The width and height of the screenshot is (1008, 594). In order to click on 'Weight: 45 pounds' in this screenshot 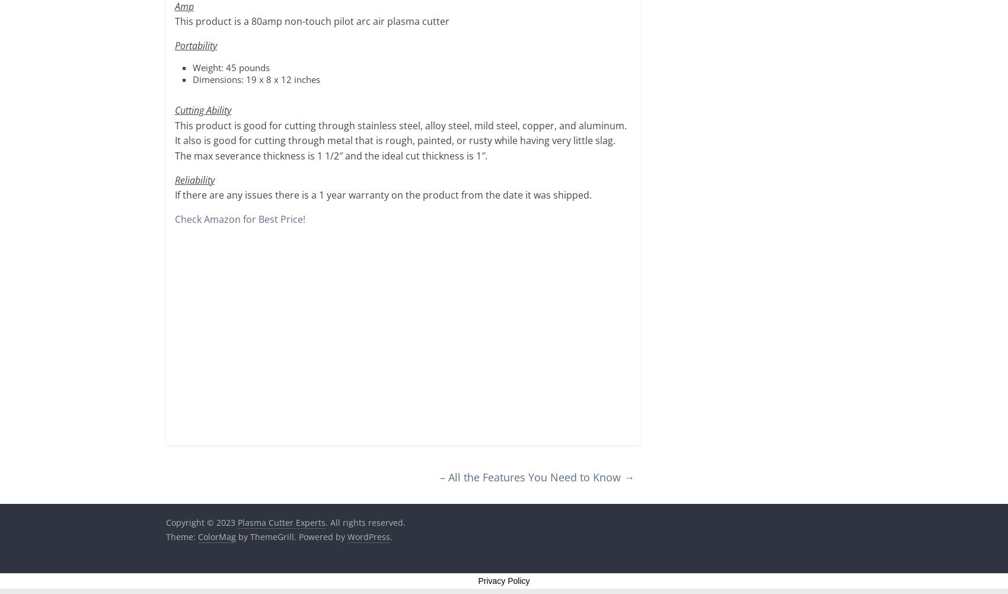, I will do `click(230, 67)`.